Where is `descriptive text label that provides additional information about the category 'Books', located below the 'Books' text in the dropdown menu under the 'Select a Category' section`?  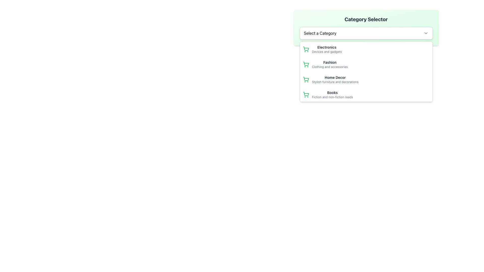 descriptive text label that provides additional information about the category 'Books', located below the 'Books' text in the dropdown menu under the 'Select a Category' section is located at coordinates (332, 97).